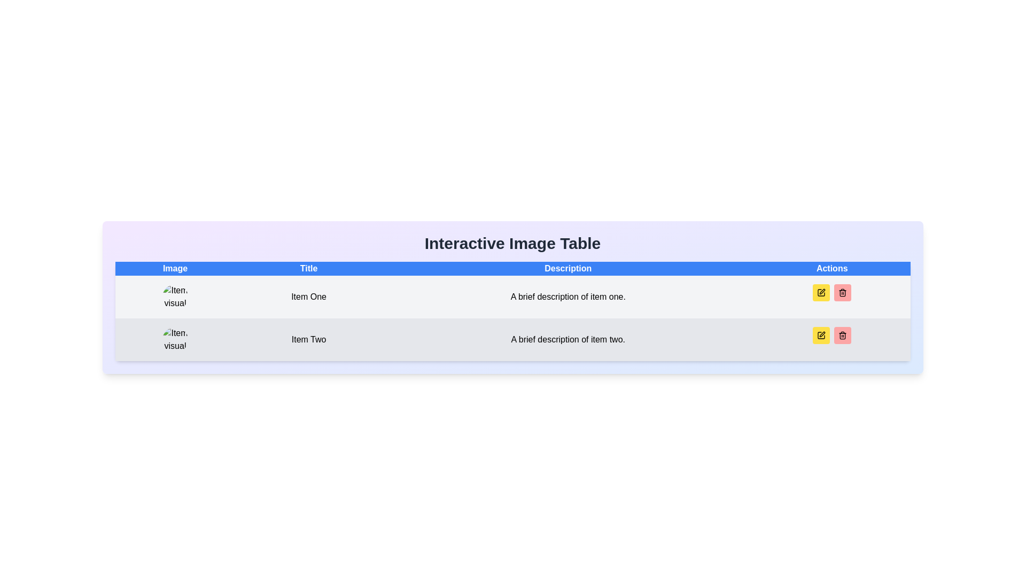 This screenshot has width=1026, height=577. What do you see at coordinates (842, 335) in the screenshot?
I see `the red trash bin icon located in the 'Actions' column of the second row of the table` at bounding box center [842, 335].